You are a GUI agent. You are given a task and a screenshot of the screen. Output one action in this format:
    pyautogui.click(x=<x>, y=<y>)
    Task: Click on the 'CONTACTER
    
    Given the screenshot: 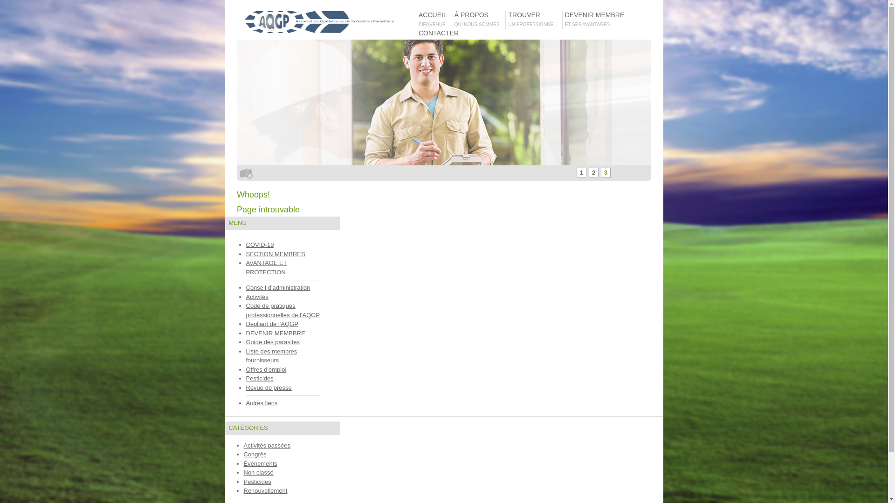 What is the action you would take?
    pyautogui.click(x=437, y=37)
    